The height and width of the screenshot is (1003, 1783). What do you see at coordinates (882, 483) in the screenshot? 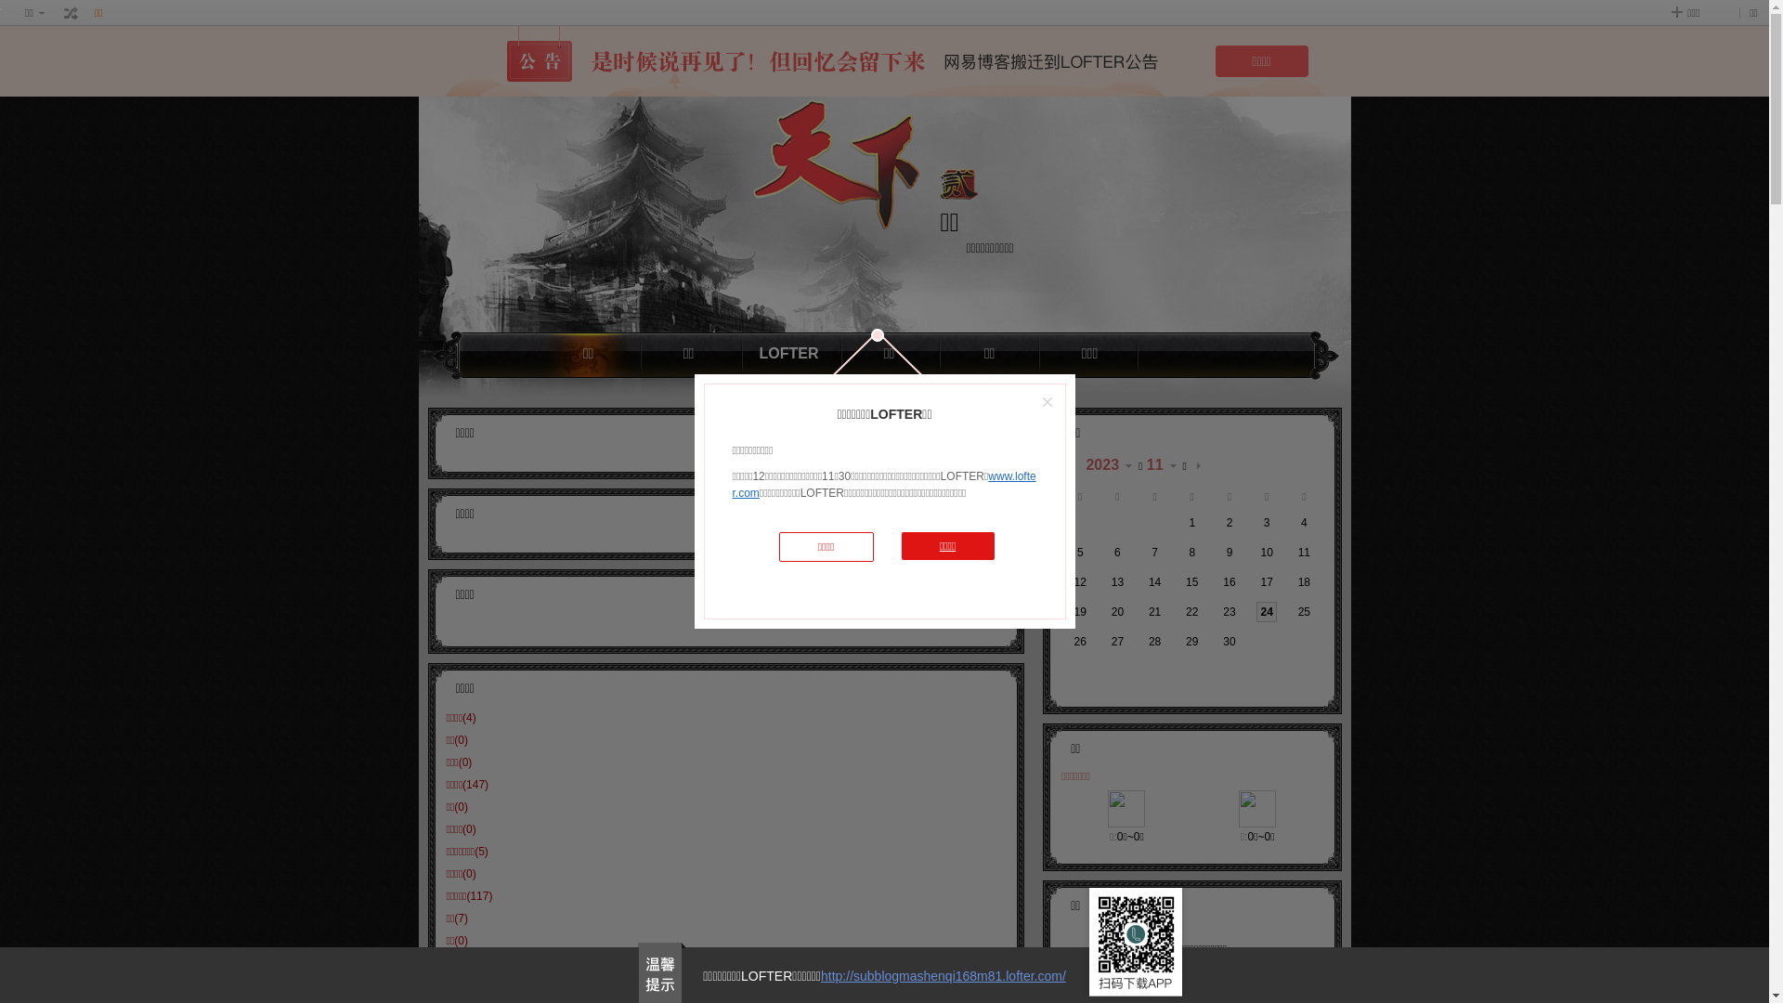
I see `'www.lofter.com'` at bounding box center [882, 483].